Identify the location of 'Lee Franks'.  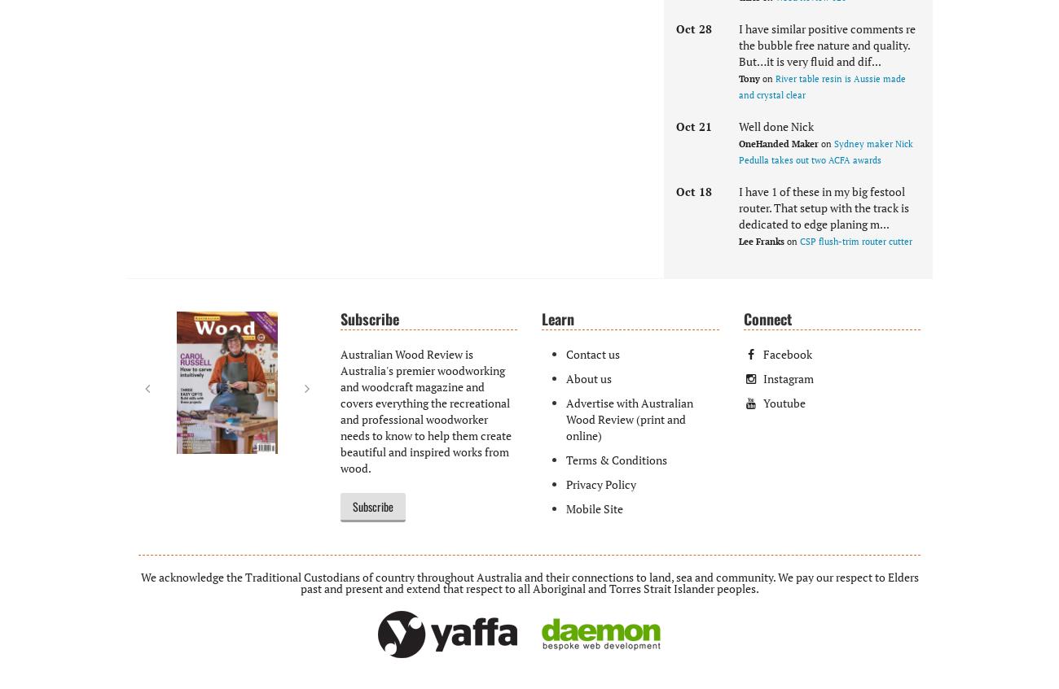
(738, 240).